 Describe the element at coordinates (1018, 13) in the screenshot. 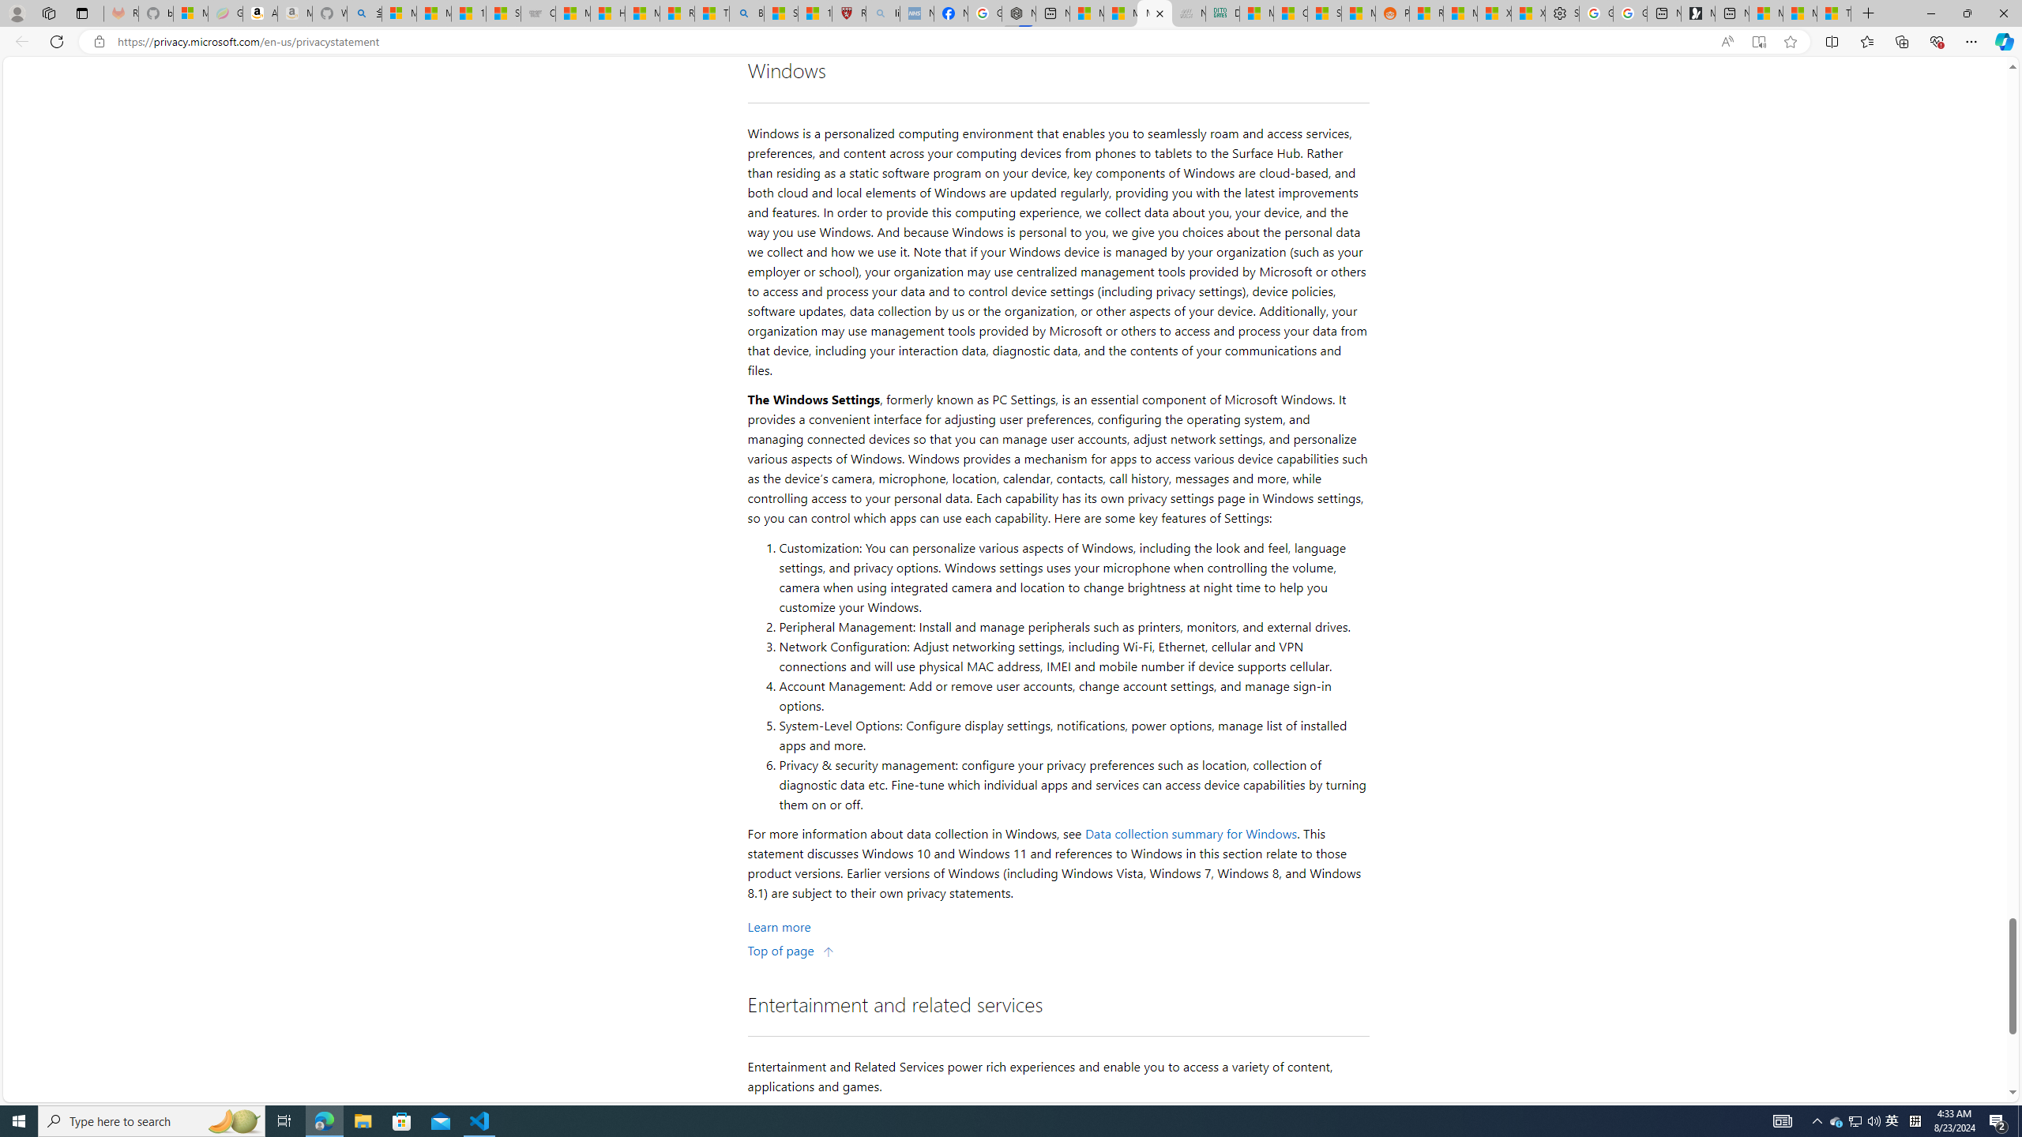

I see `'Nordace - Nordace Siena Is Not An Ordinary Backpack'` at that location.